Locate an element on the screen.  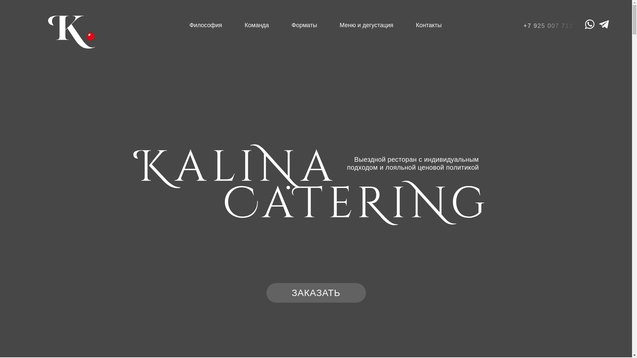
'+7 925 007 712' is located at coordinates (523, 25).